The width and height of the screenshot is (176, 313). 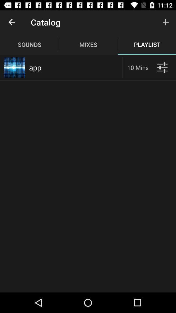 I want to click on the item above the sounds item, so click(x=12, y=22).